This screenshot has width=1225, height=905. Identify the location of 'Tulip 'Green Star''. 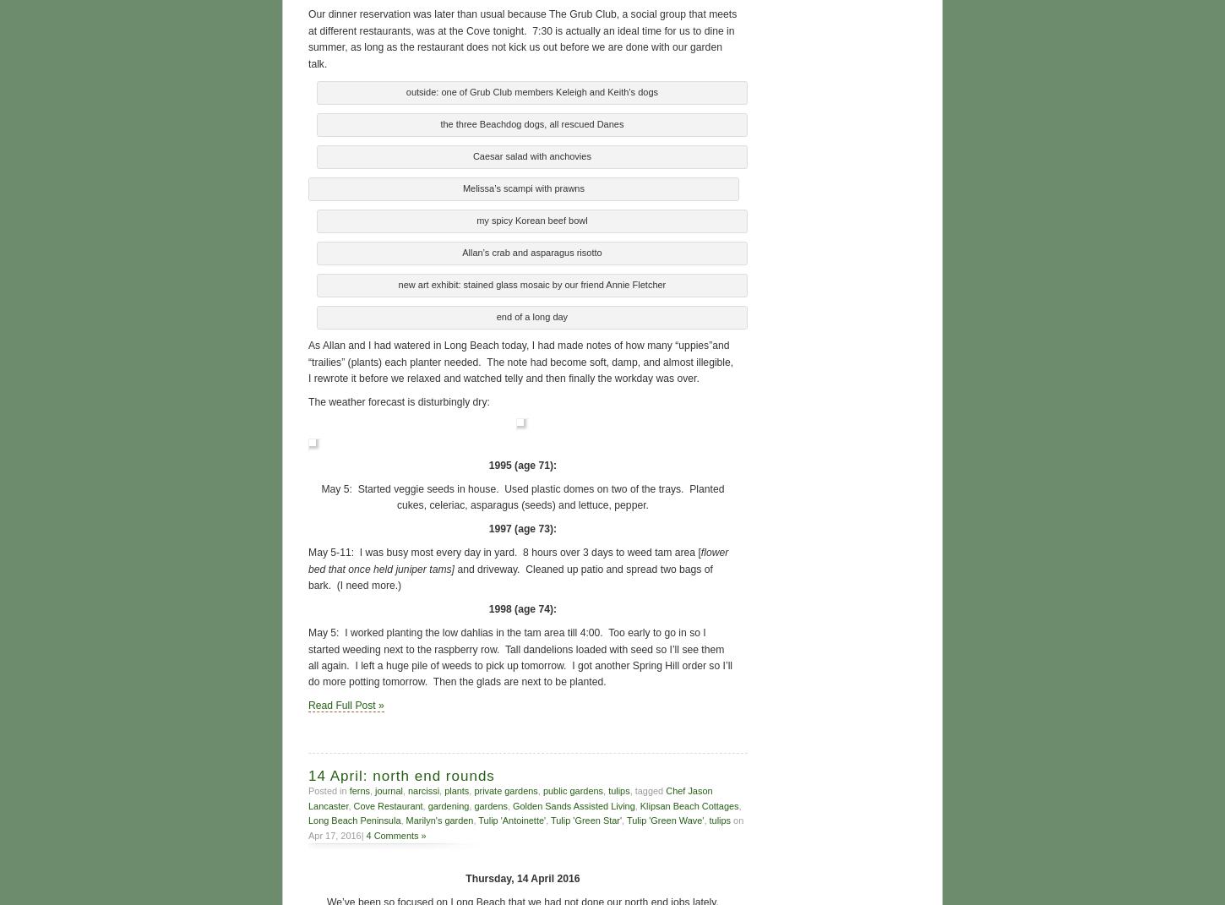
(550, 818).